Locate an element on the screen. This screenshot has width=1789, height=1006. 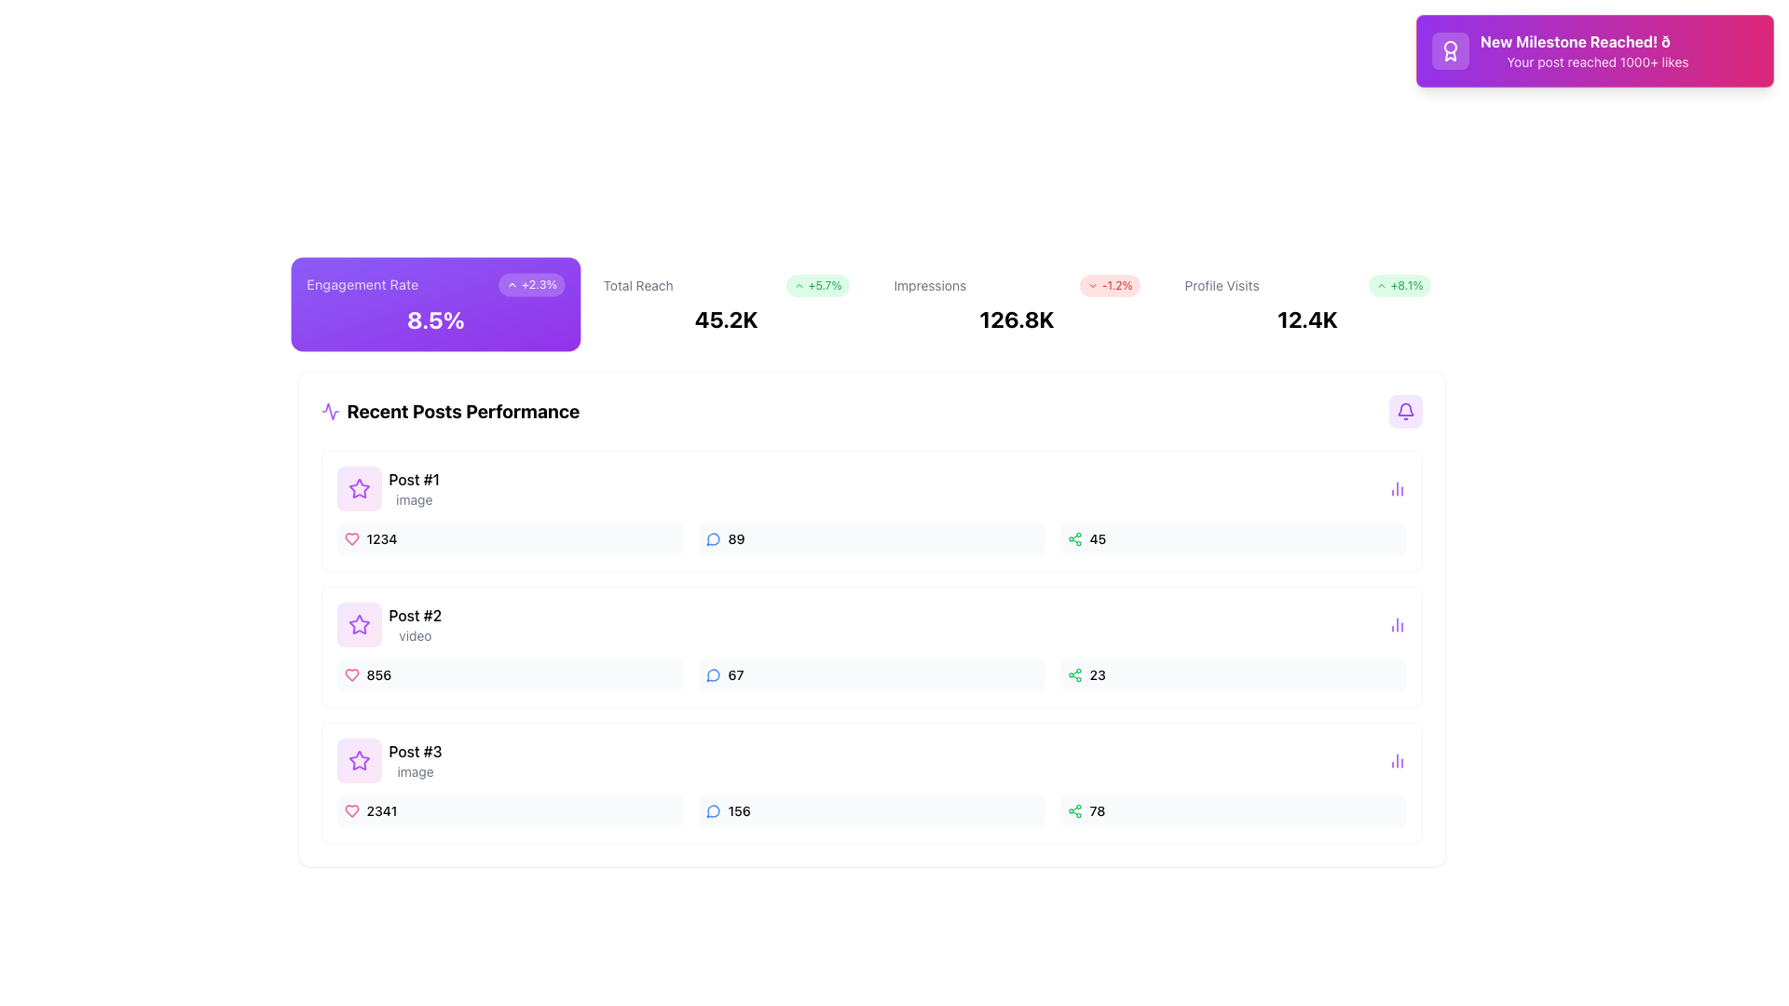
the heart-shaped icon with a pink outline located to the left of the text '1234' in the 'Recent Posts Performance' section is located at coordinates (351, 538).